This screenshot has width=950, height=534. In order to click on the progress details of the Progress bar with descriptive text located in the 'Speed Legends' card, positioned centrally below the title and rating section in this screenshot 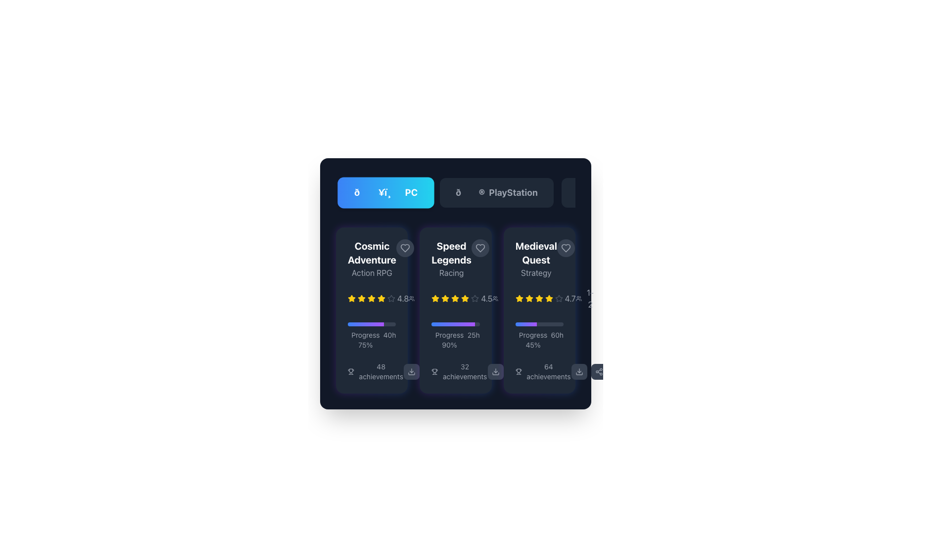, I will do `click(455, 335)`.